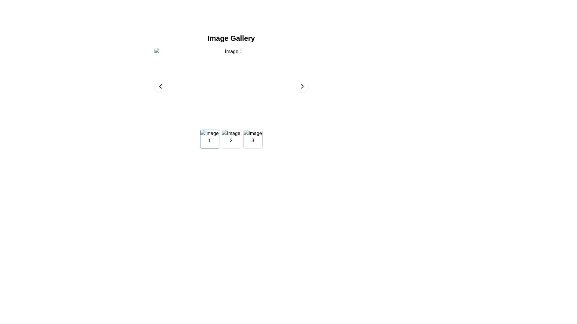 This screenshot has height=324, width=577. What do you see at coordinates (209, 139) in the screenshot?
I see `the thumbnail image for 'Image 1' from the image gallery` at bounding box center [209, 139].